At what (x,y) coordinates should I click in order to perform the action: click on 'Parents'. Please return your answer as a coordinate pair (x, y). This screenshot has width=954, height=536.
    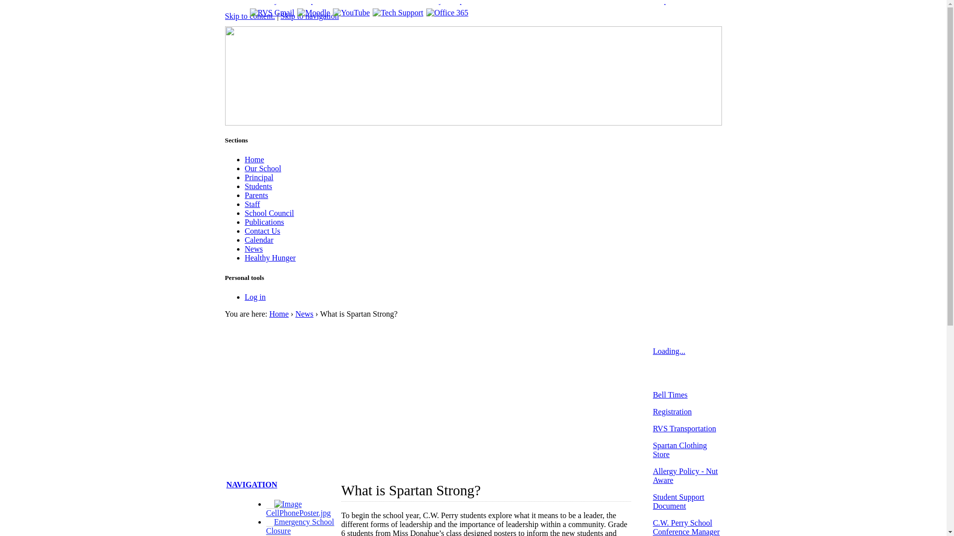
    Looking at the image, I should click on (244, 195).